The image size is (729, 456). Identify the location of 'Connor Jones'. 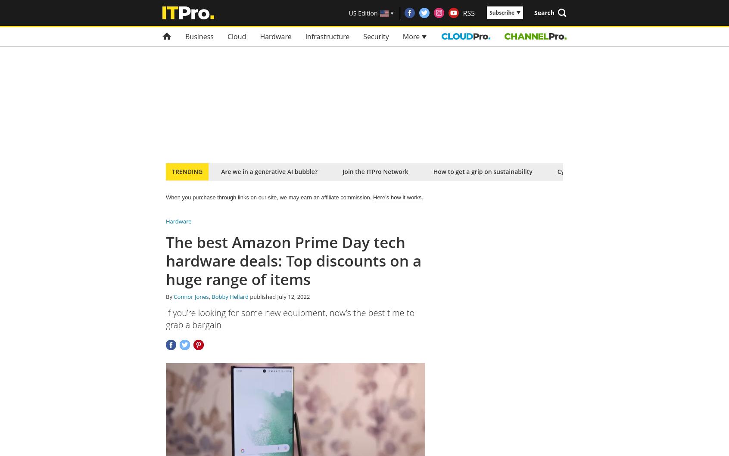
(174, 296).